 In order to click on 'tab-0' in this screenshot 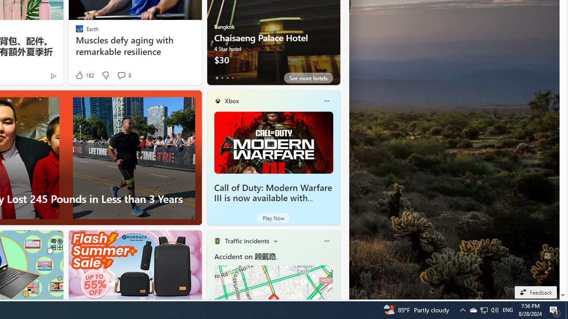, I will do `click(217, 78)`.